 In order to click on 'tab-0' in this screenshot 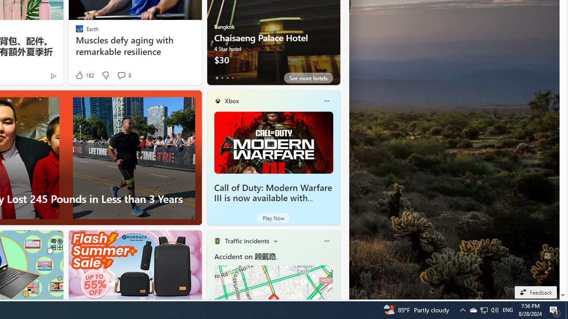, I will do `click(217, 78)`.